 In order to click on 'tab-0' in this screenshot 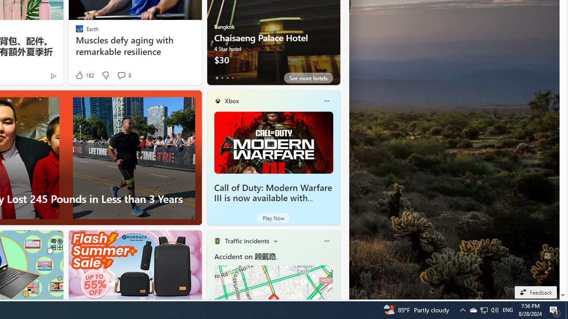, I will do `click(217, 78)`.